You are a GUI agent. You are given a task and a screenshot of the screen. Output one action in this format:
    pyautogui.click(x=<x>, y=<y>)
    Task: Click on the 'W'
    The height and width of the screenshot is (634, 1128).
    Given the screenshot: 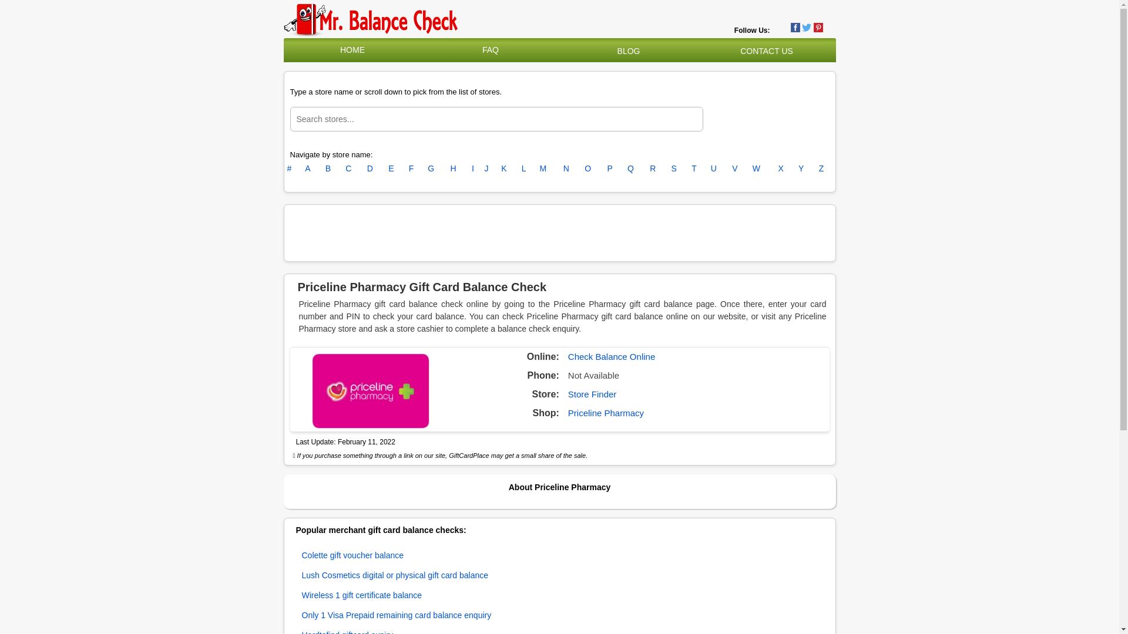 What is the action you would take?
    pyautogui.click(x=756, y=168)
    